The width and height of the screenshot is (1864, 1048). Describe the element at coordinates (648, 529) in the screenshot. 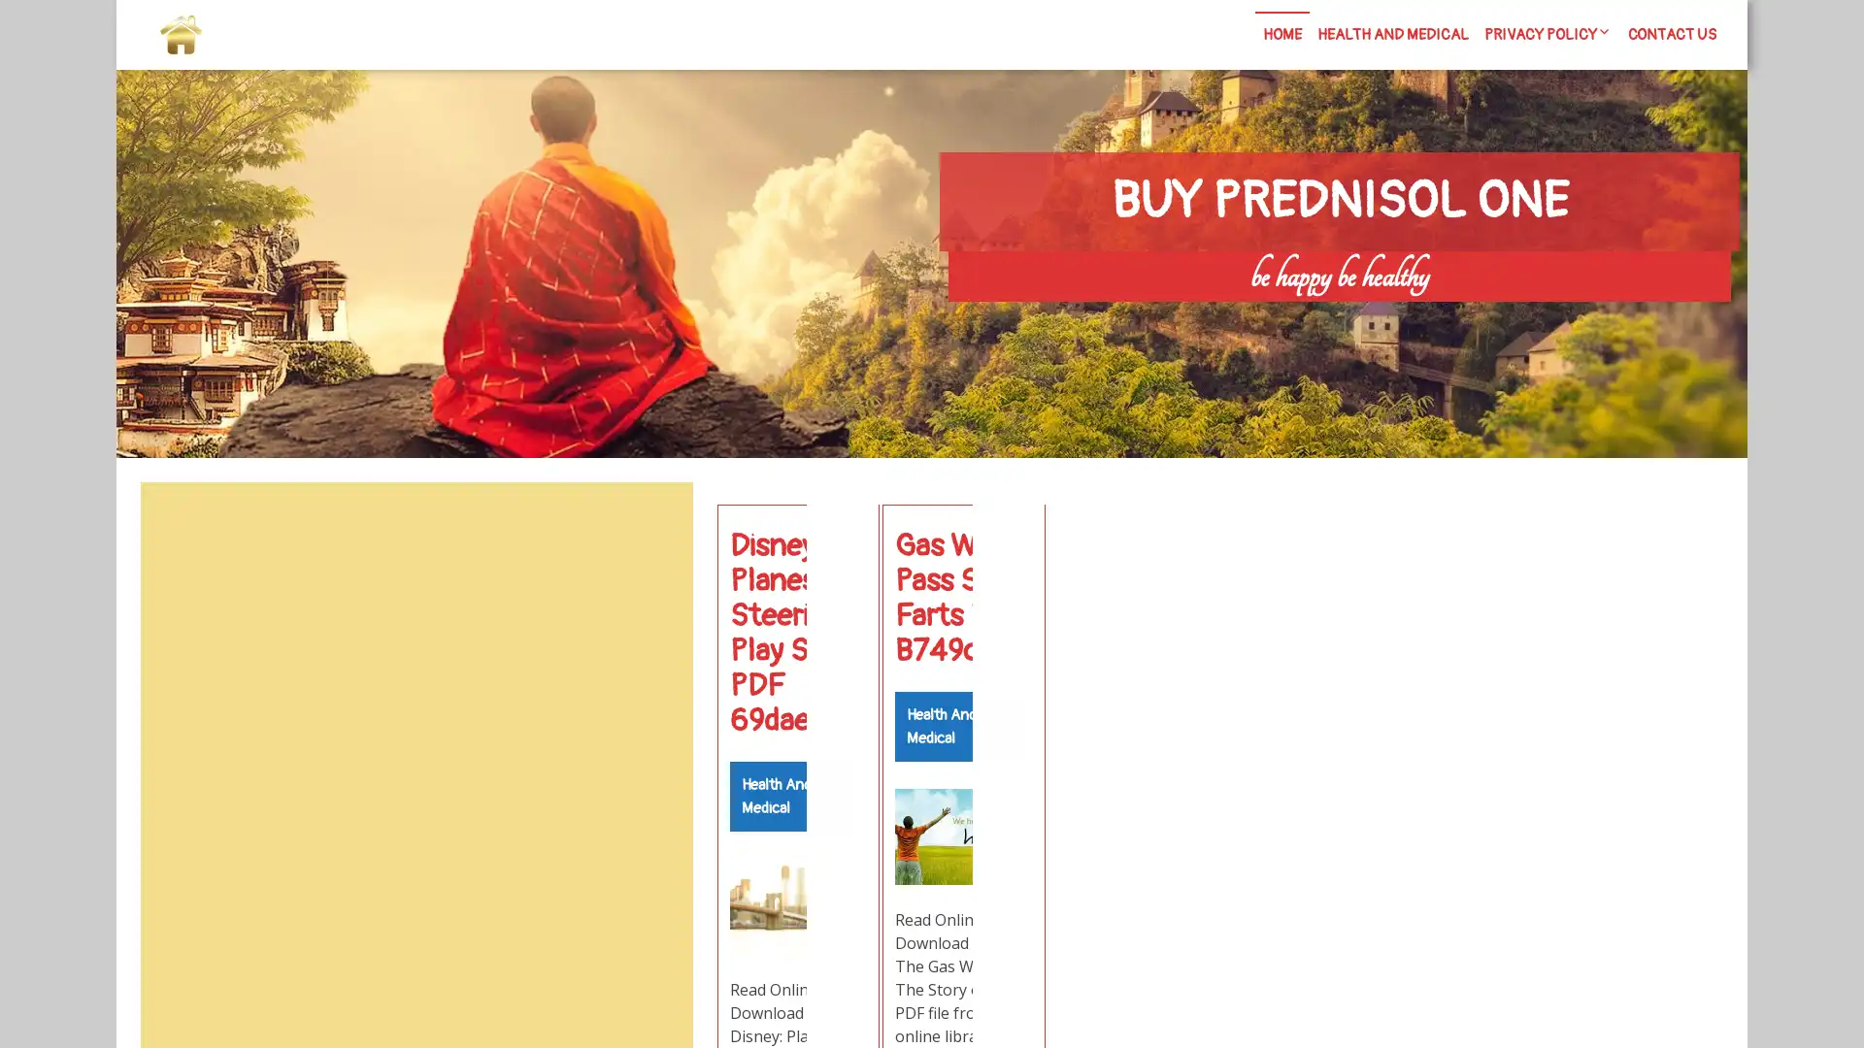

I see `Search` at that location.